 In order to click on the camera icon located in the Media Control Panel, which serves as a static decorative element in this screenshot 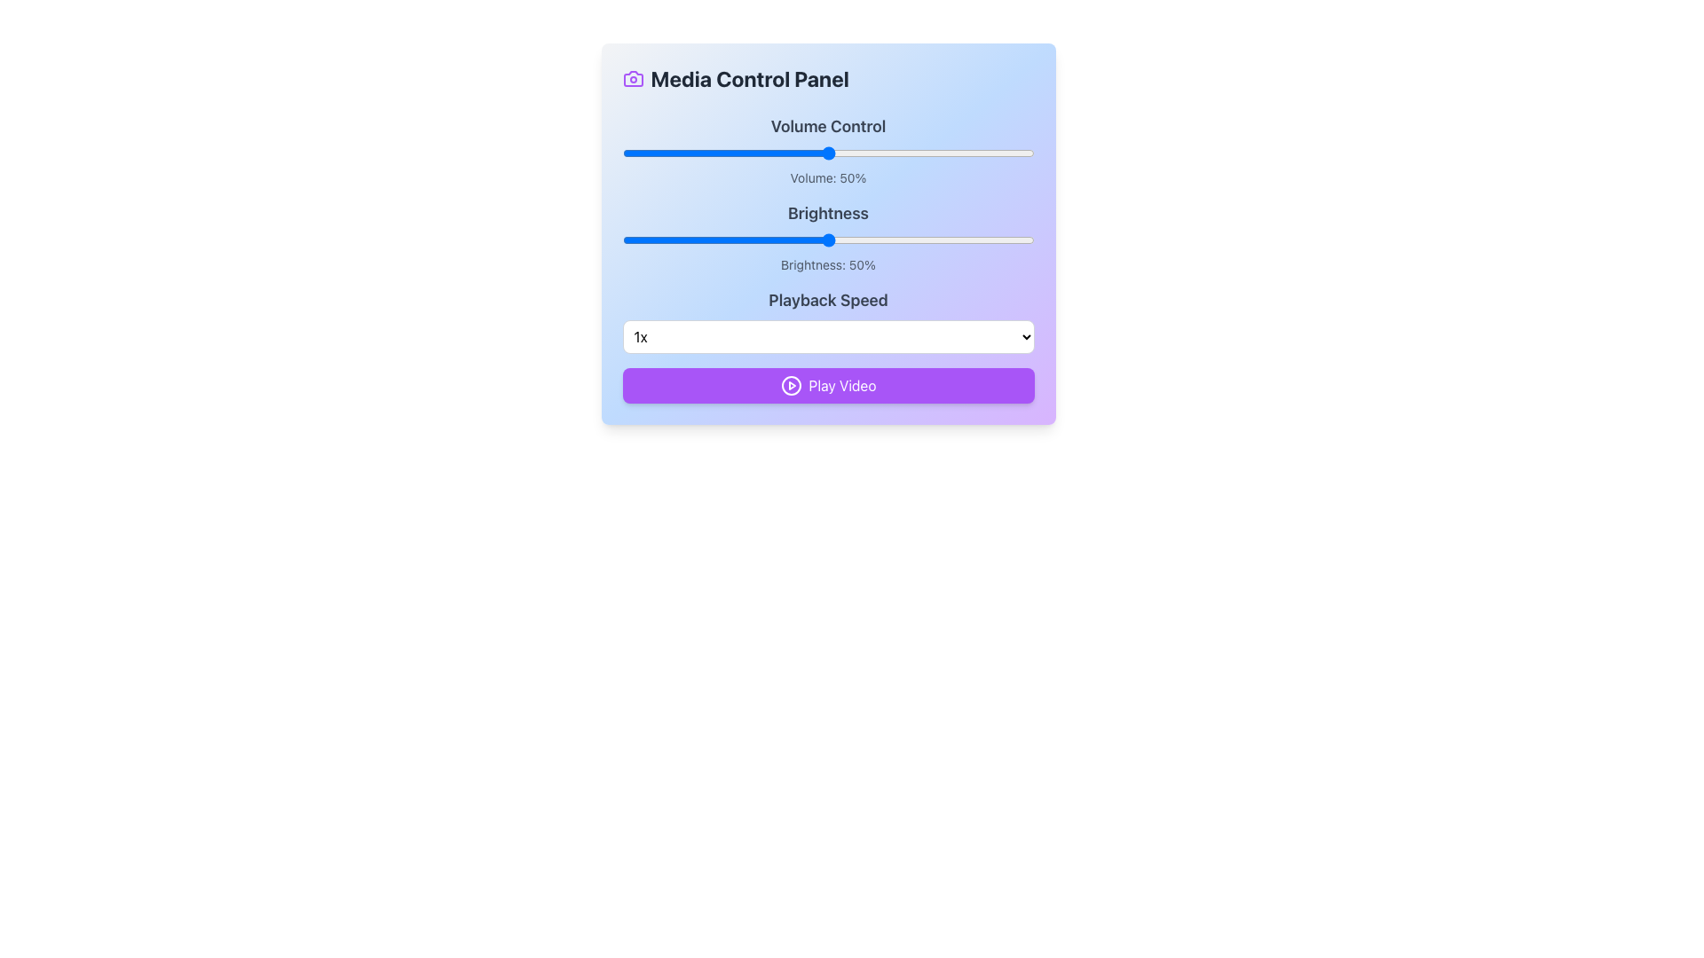, I will do `click(633, 77)`.